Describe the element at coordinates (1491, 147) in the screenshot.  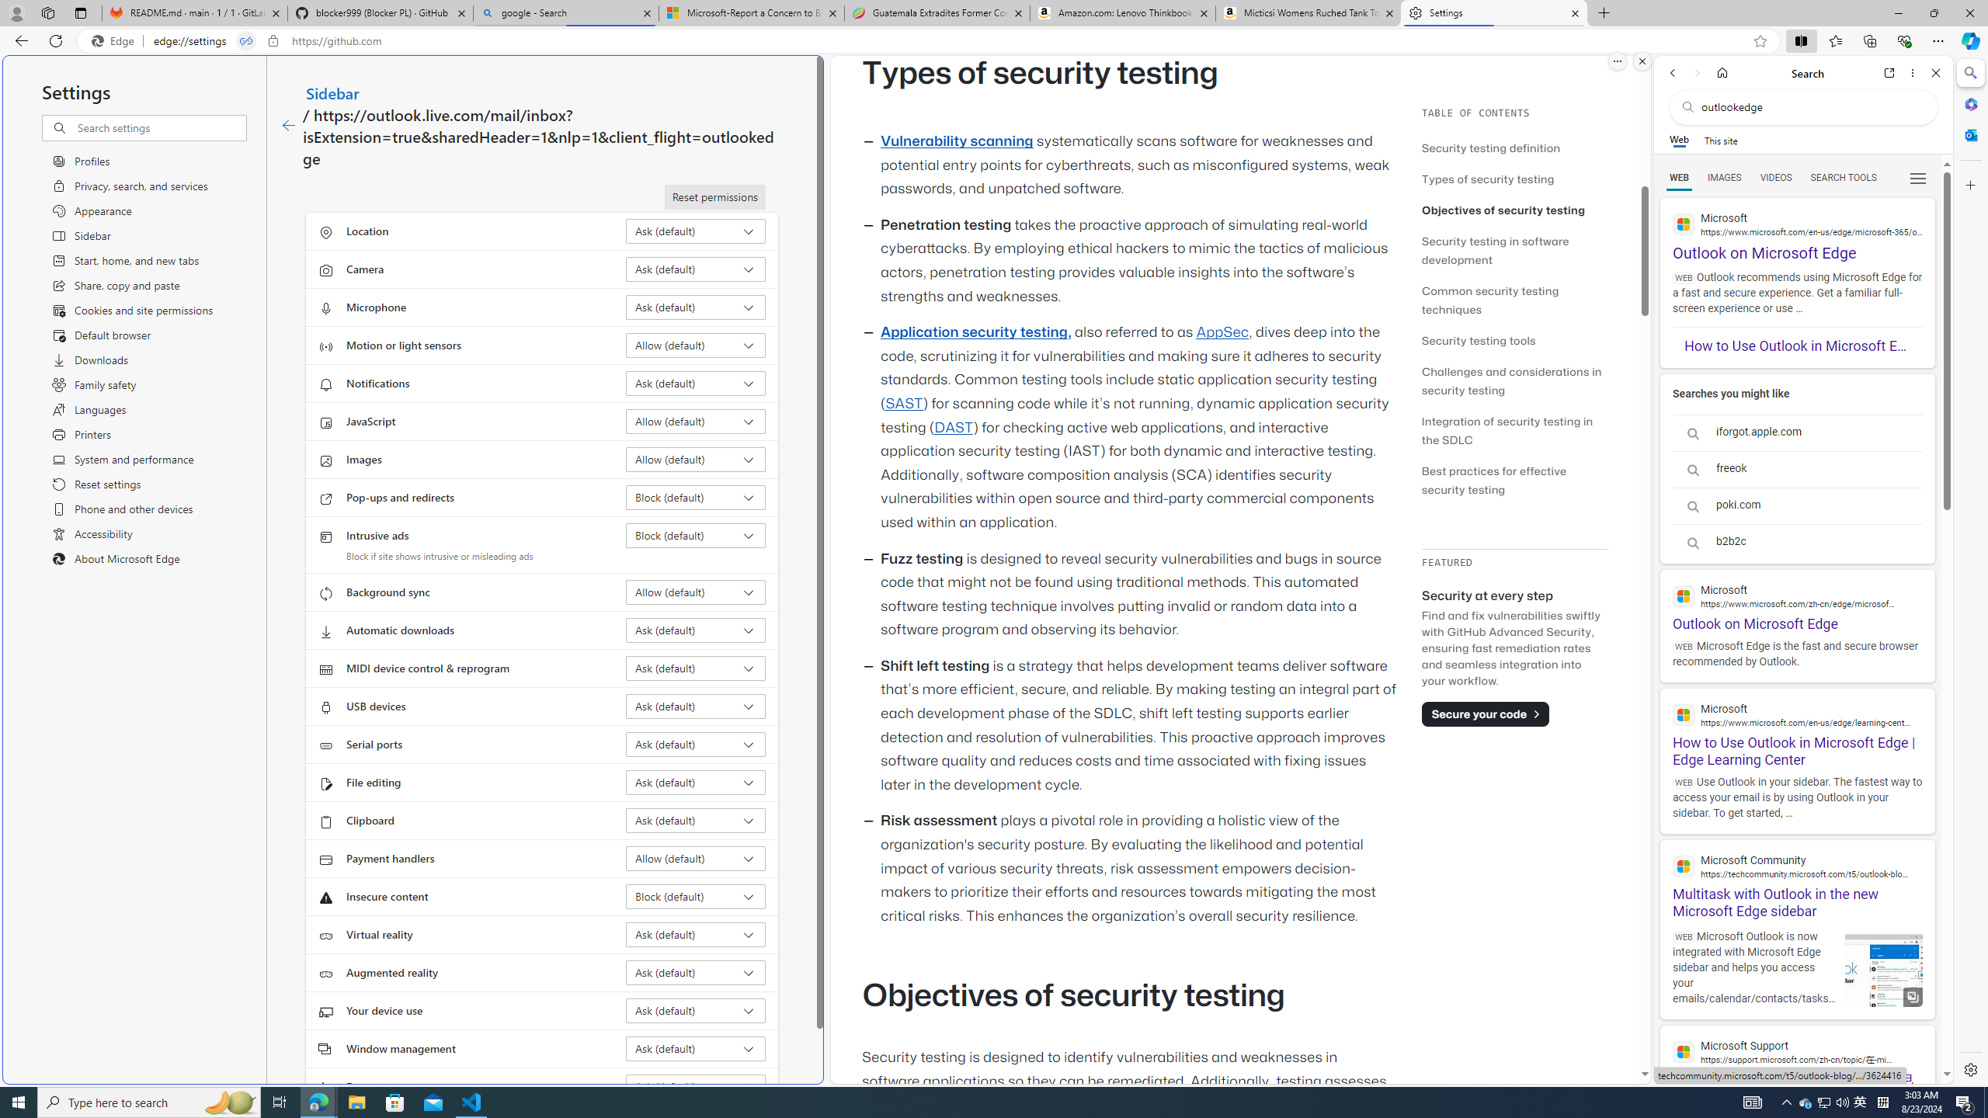
I see `'Security testing definition'` at that location.